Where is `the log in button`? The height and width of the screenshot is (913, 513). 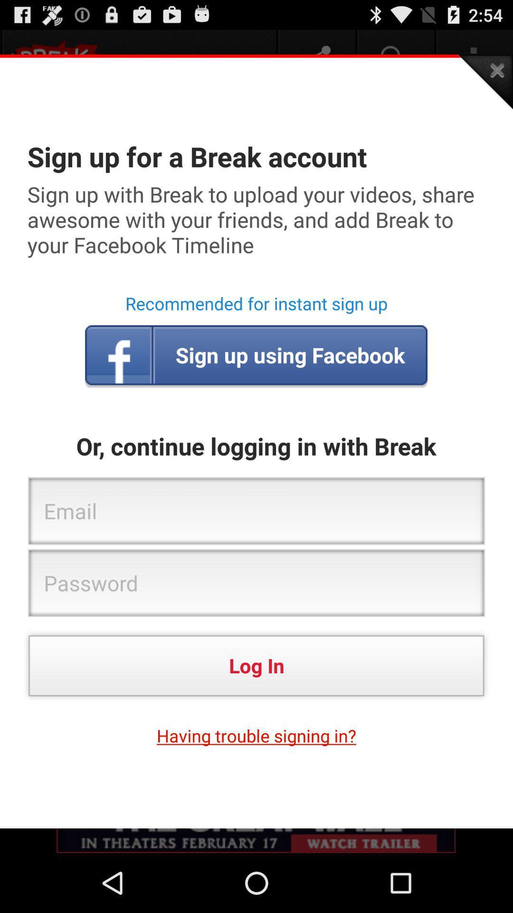
the log in button is located at coordinates (256, 665).